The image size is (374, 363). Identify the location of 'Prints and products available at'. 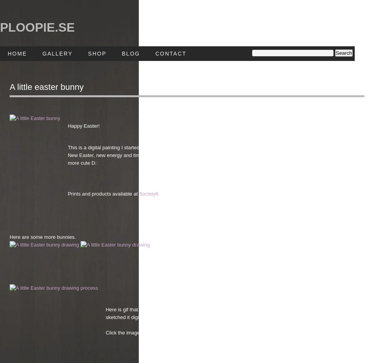
(103, 193).